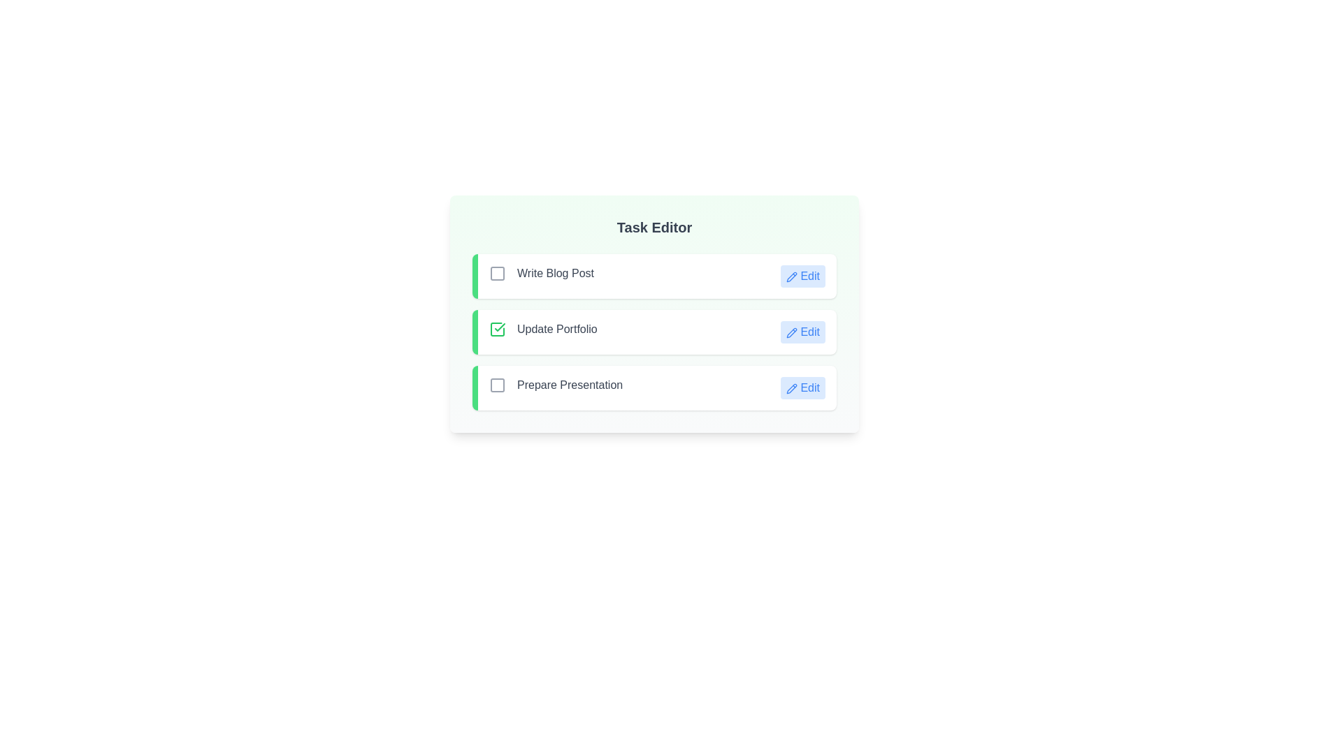  Describe the element at coordinates (802, 332) in the screenshot. I see `'Edit' button for the task 'Update Portfolio'` at that location.